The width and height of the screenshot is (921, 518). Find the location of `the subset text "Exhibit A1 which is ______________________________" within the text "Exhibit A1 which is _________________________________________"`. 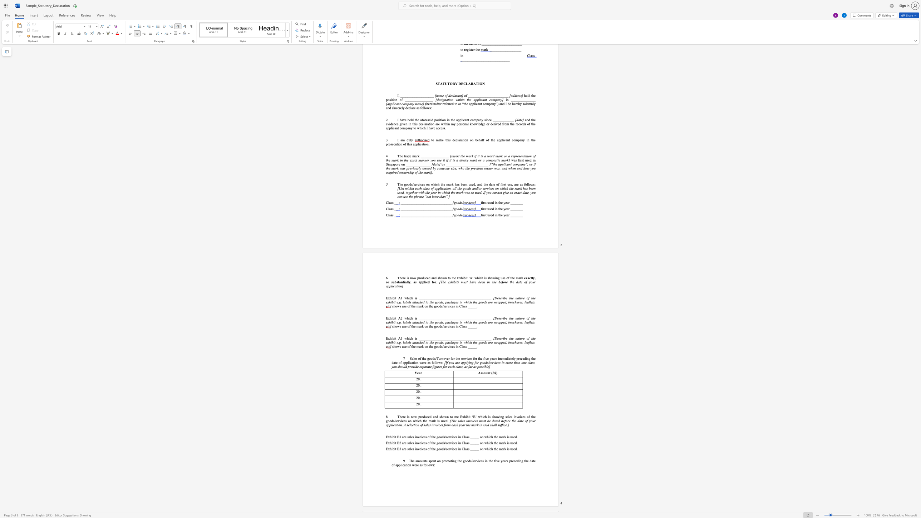

the subset text "Exhibit A1 which is ______________________________" within the text "Exhibit A1 which is _________________________________________" is located at coordinates (386, 298).